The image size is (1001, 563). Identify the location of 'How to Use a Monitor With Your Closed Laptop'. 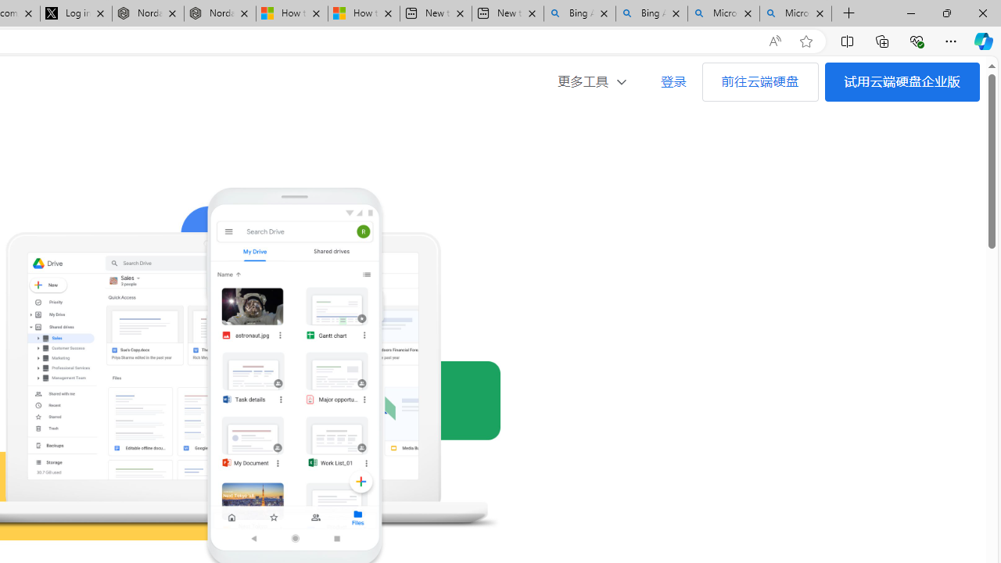
(363, 13).